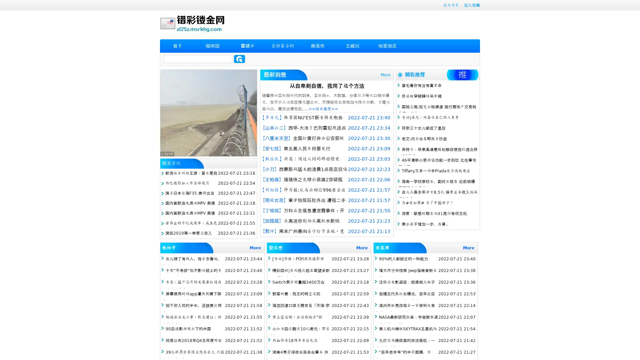  I want to click on Search, so click(239, 59).